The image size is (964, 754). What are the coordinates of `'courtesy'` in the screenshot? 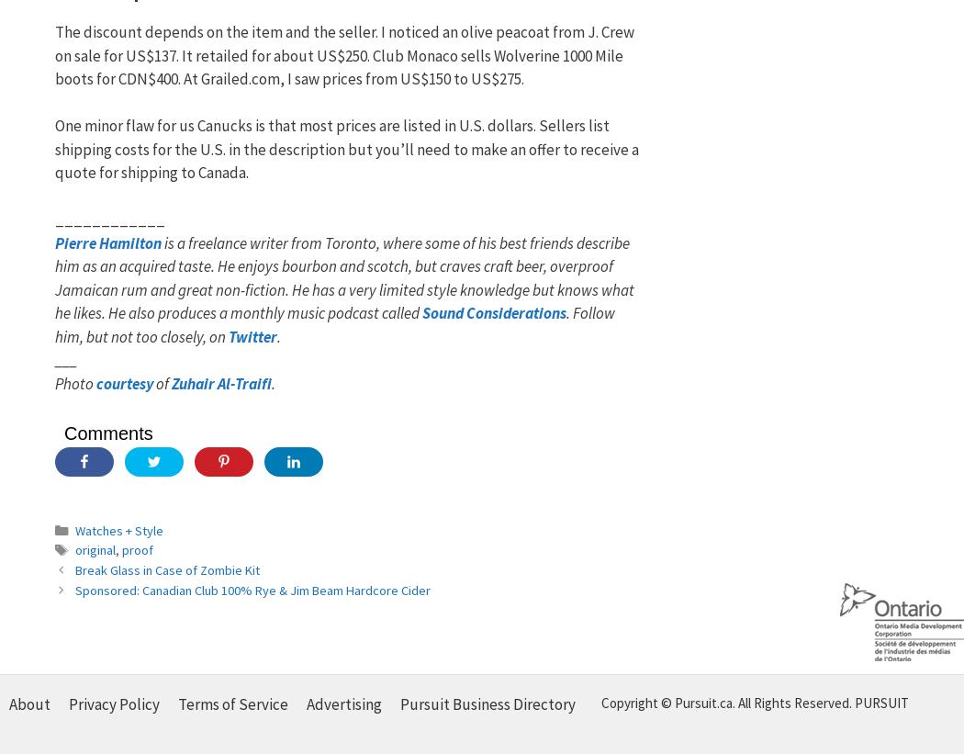 It's located at (123, 382).